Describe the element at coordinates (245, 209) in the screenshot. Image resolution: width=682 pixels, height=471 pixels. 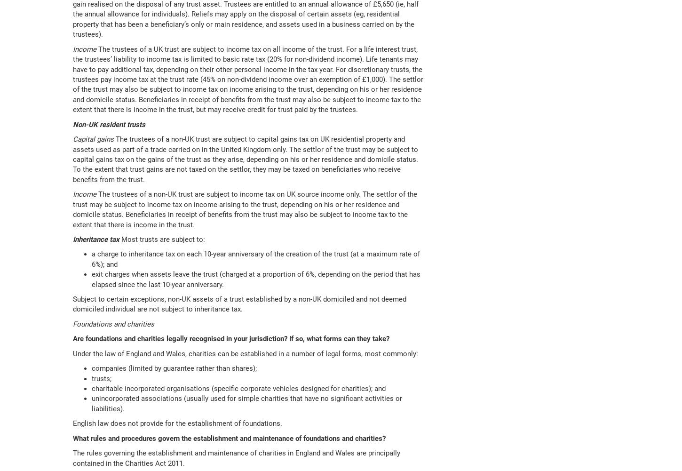
I see `'The trustees of a non-UK trust are subject to income tax on UK source income only. The settlor of the trust may be subject to income tax on income arising to the trust, depending on his or her residence and domicile status. Beneficiaries in receipt of benefits from the trust may also be subject to income tax to the extent that there is income in the trust.'` at that location.